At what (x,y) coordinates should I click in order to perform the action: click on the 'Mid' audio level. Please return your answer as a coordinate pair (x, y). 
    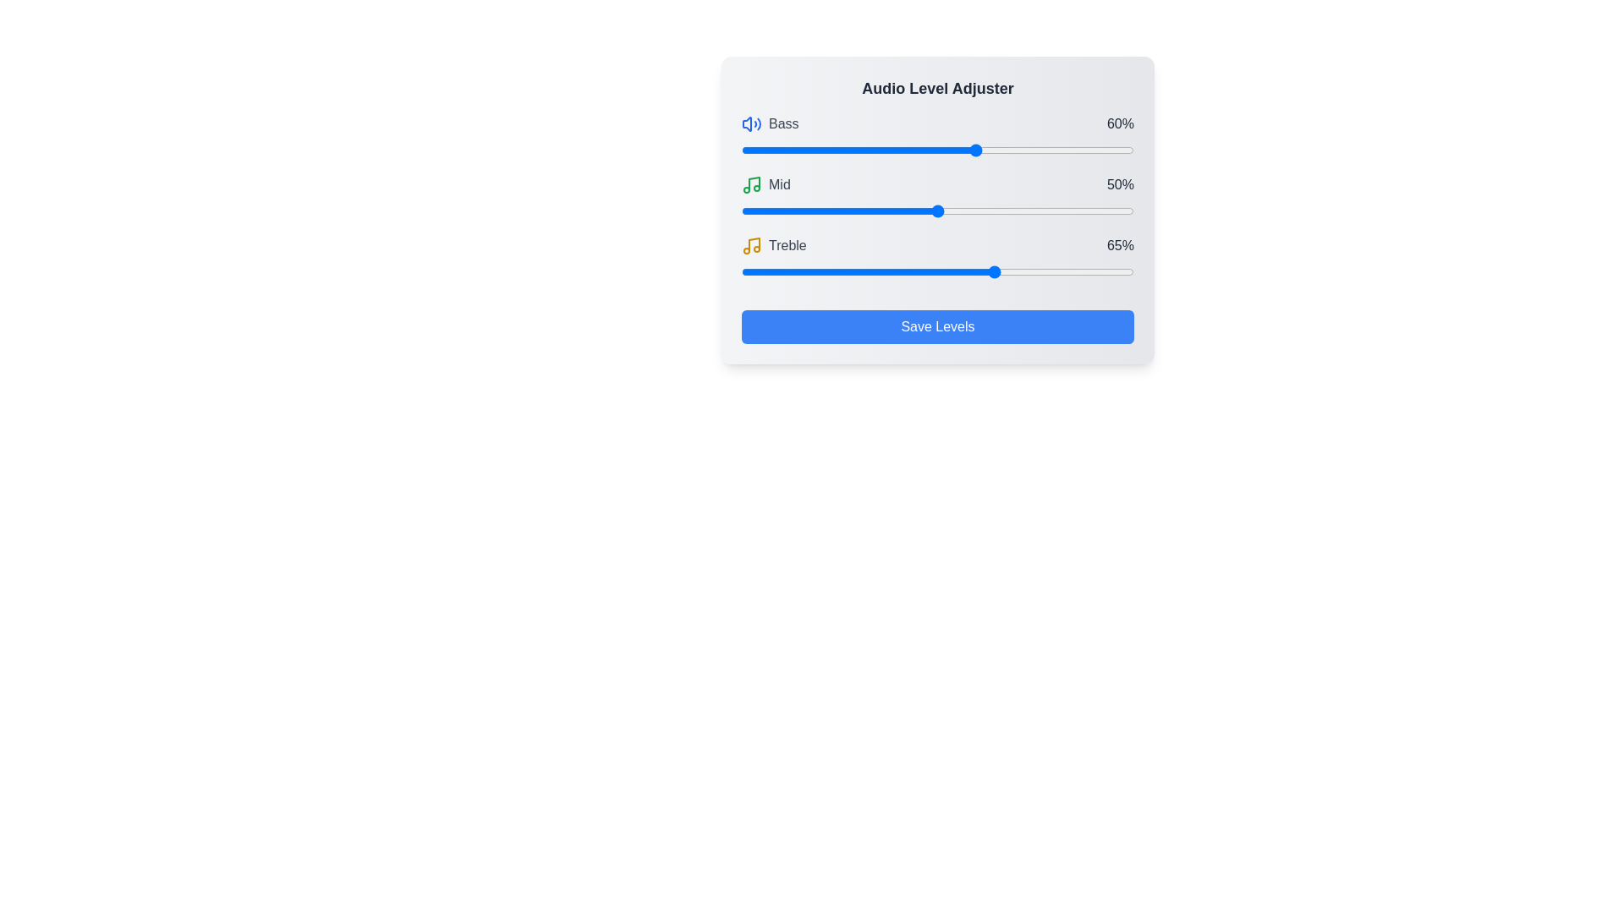
    Looking at the image, I should click on (969, 210).